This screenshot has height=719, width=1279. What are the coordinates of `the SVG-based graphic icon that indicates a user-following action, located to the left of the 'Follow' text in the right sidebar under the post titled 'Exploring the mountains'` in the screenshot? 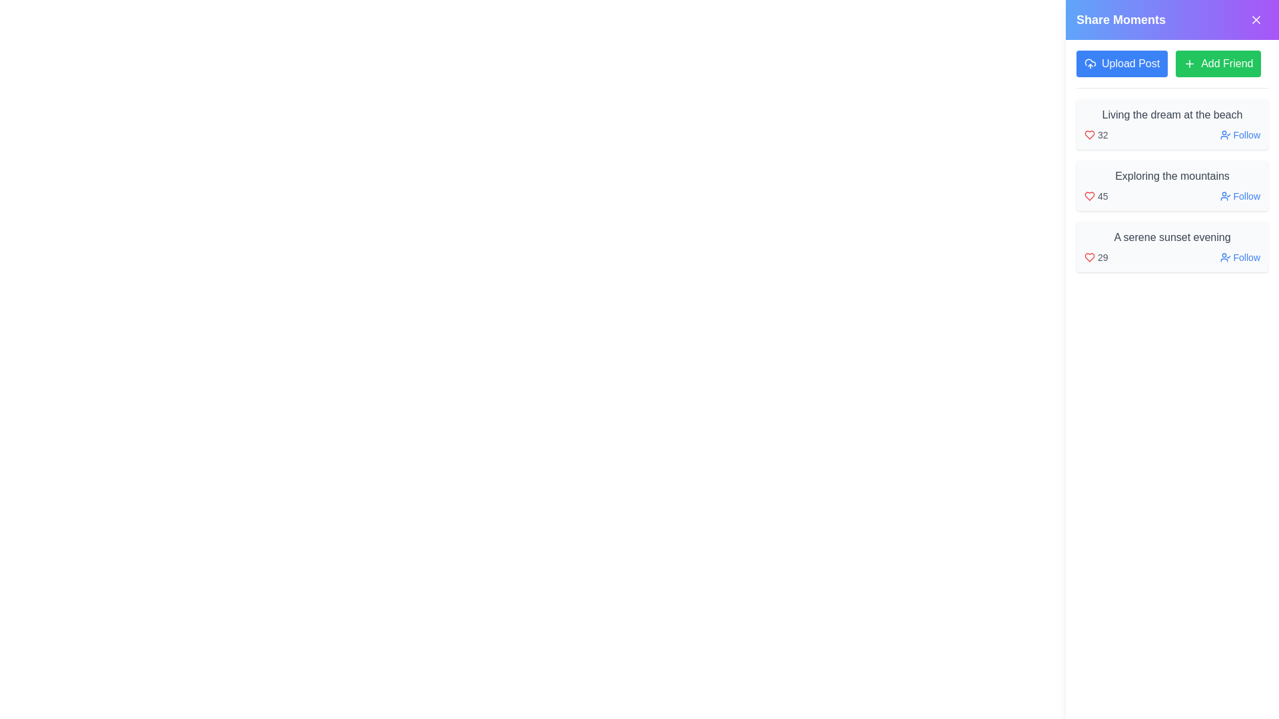 It's located at (1225, 196).